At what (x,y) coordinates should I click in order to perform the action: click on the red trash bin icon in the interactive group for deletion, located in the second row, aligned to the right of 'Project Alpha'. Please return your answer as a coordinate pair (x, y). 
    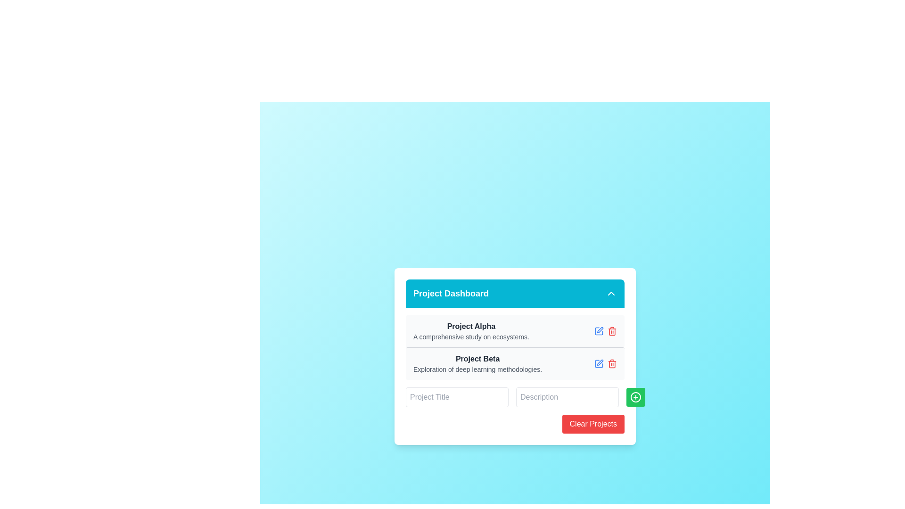
    Looking at the image, I should click on (606, 330).